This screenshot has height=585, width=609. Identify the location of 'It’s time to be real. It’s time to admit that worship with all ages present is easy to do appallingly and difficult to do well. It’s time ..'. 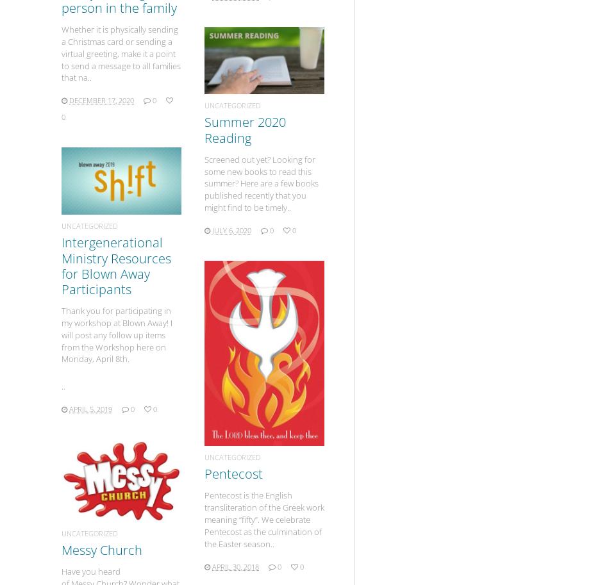
(129, 300).